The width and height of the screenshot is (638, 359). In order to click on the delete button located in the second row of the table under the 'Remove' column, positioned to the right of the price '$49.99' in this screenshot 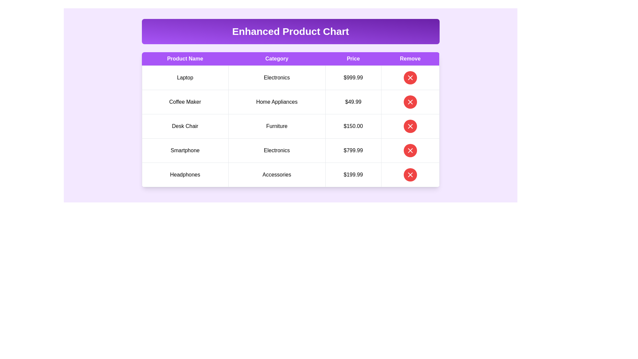, I will do `click(410, 102)`.